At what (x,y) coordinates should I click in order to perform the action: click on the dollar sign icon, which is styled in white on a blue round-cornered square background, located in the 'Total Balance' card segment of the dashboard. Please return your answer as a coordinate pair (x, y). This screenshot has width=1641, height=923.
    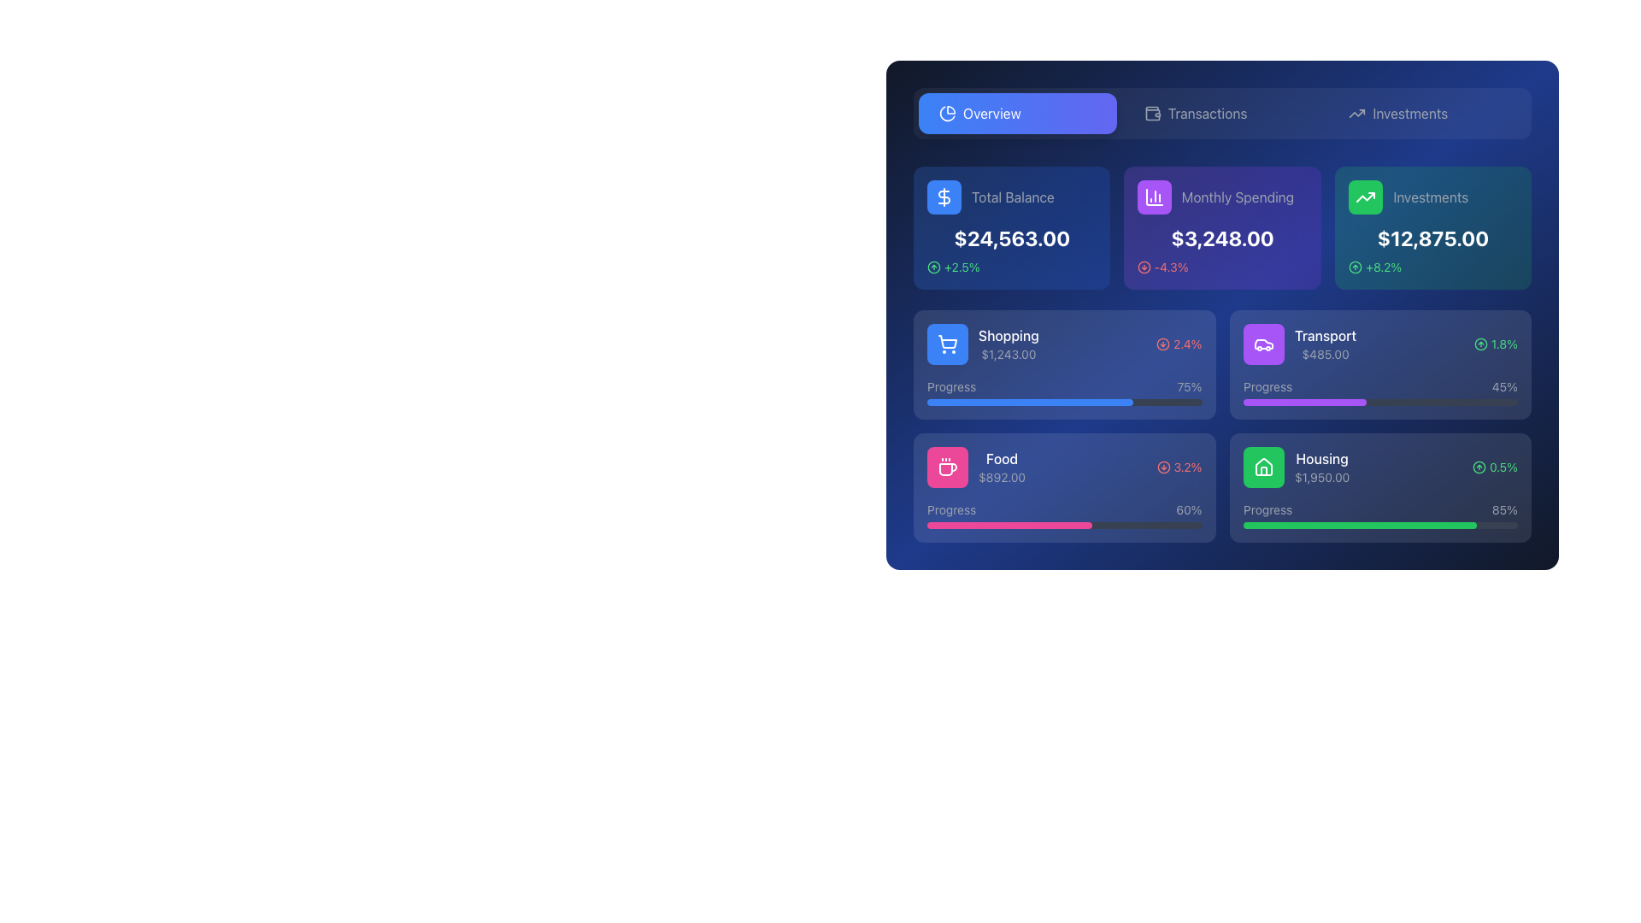
    Looking at the image, I should click on (943, 197).